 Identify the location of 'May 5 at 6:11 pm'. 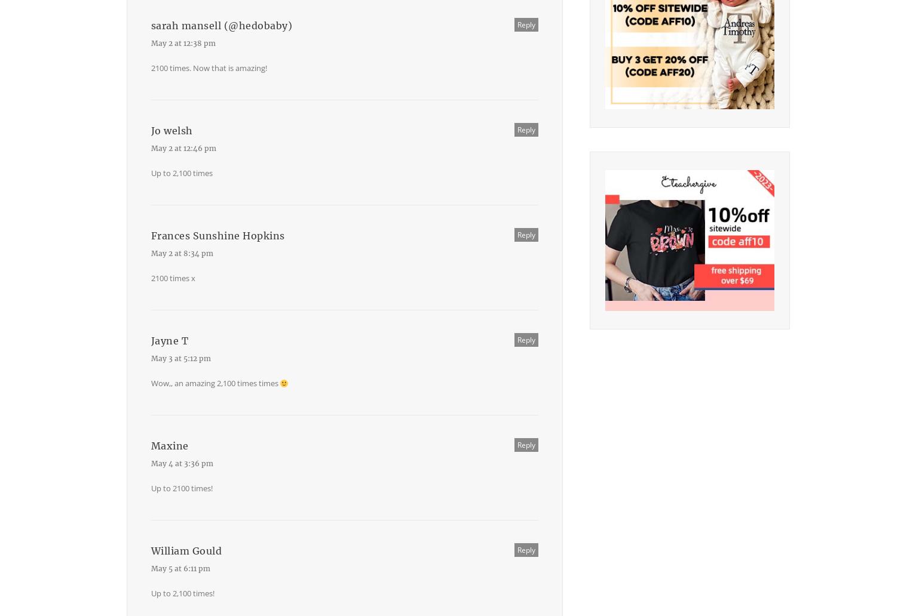
(180, 568).